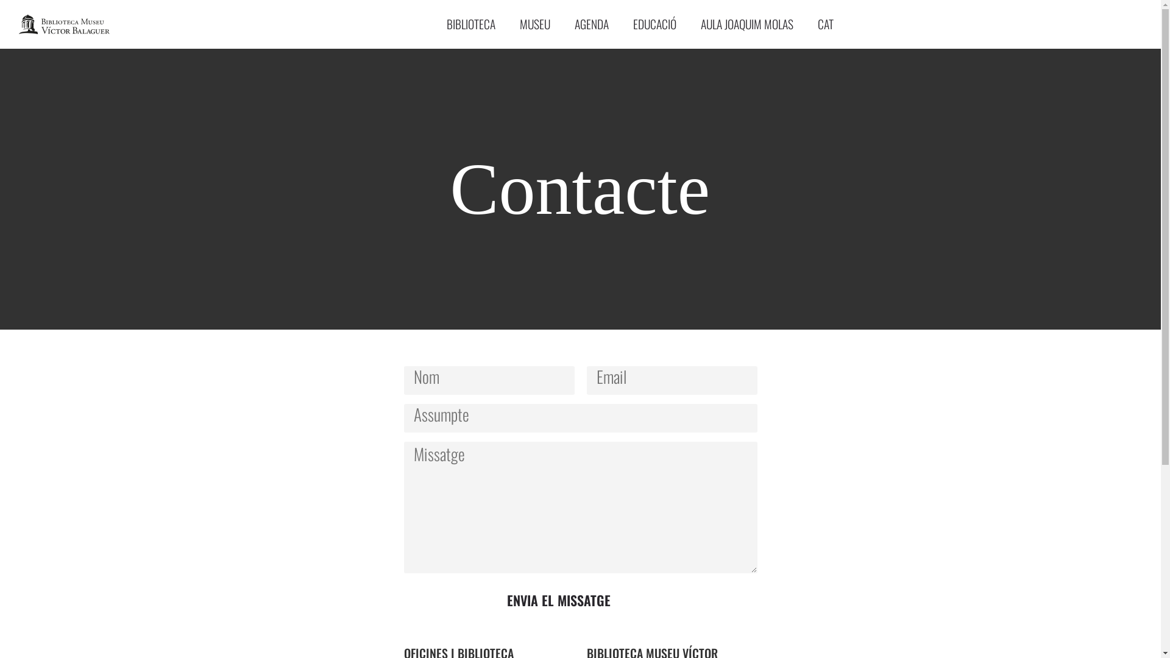  Describe the element at coordinates (746, 24) in the screenshot. I see `'AULA JOAQUIM MOLAS'` at that location.